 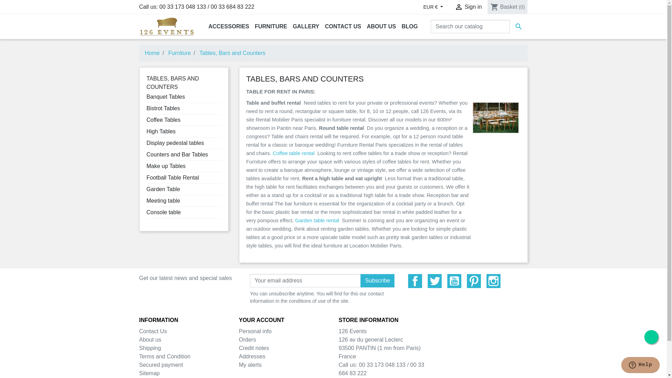 I want to click on 'Opens a widget where you can chat to one of our agents', so click(x=640, y=365).